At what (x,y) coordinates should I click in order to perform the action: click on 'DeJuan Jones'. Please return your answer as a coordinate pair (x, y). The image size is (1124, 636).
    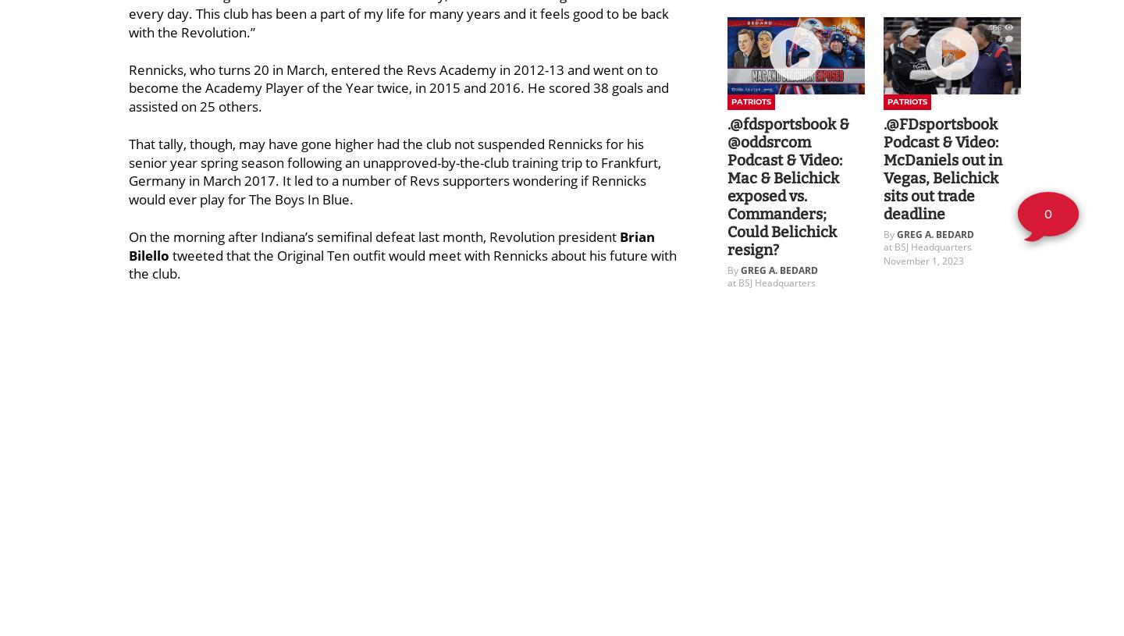
    Looking at the image, I should click on (222, 495).